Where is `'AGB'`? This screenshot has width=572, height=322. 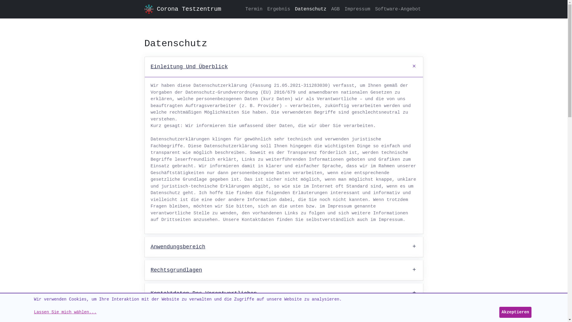 'AGB' is located at coordinates (335, 9).